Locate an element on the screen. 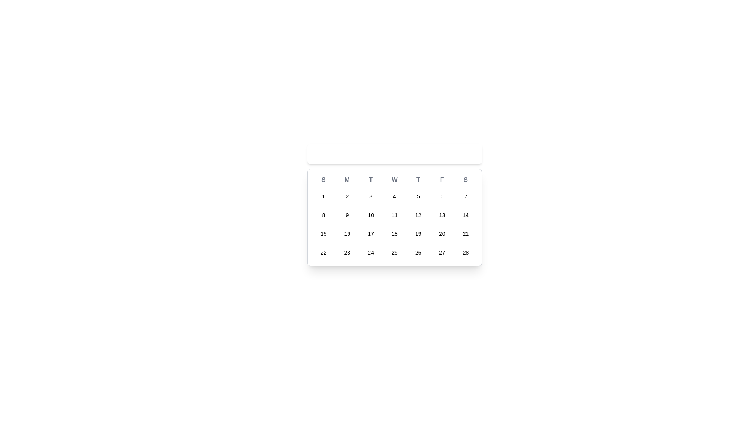  the text label indicating 'Saturday' in the calendar header row, which is located at the seventh position in the row of day initials is located at coordinates (466, 180).